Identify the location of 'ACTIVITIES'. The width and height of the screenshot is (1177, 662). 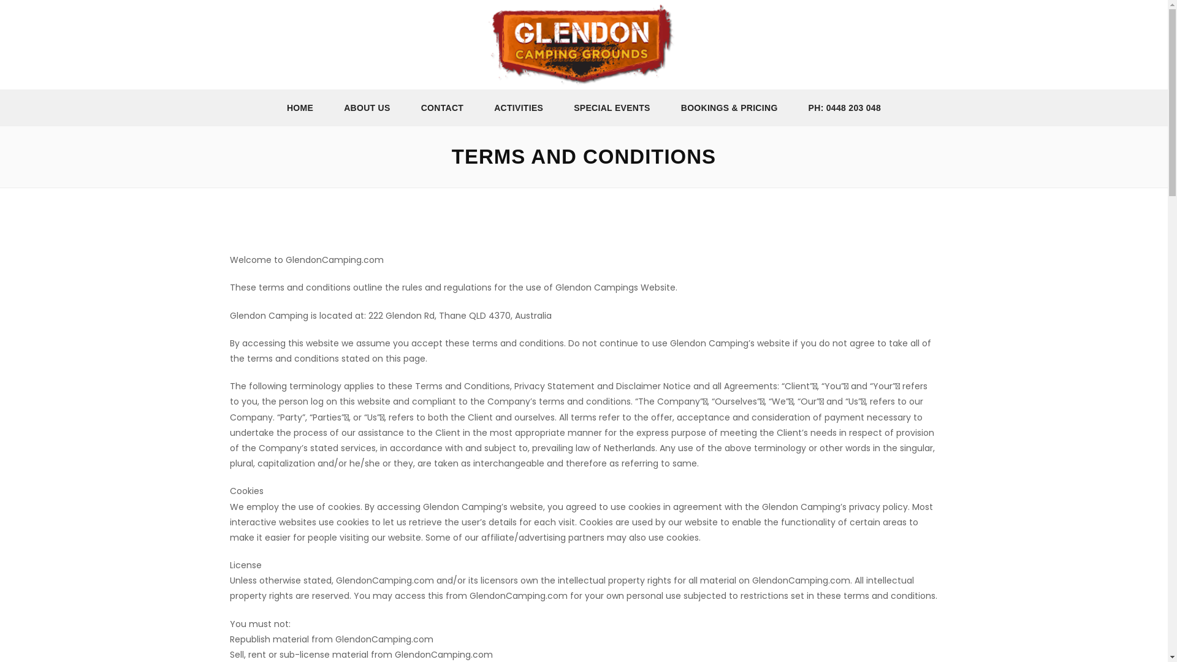
(518, 107).